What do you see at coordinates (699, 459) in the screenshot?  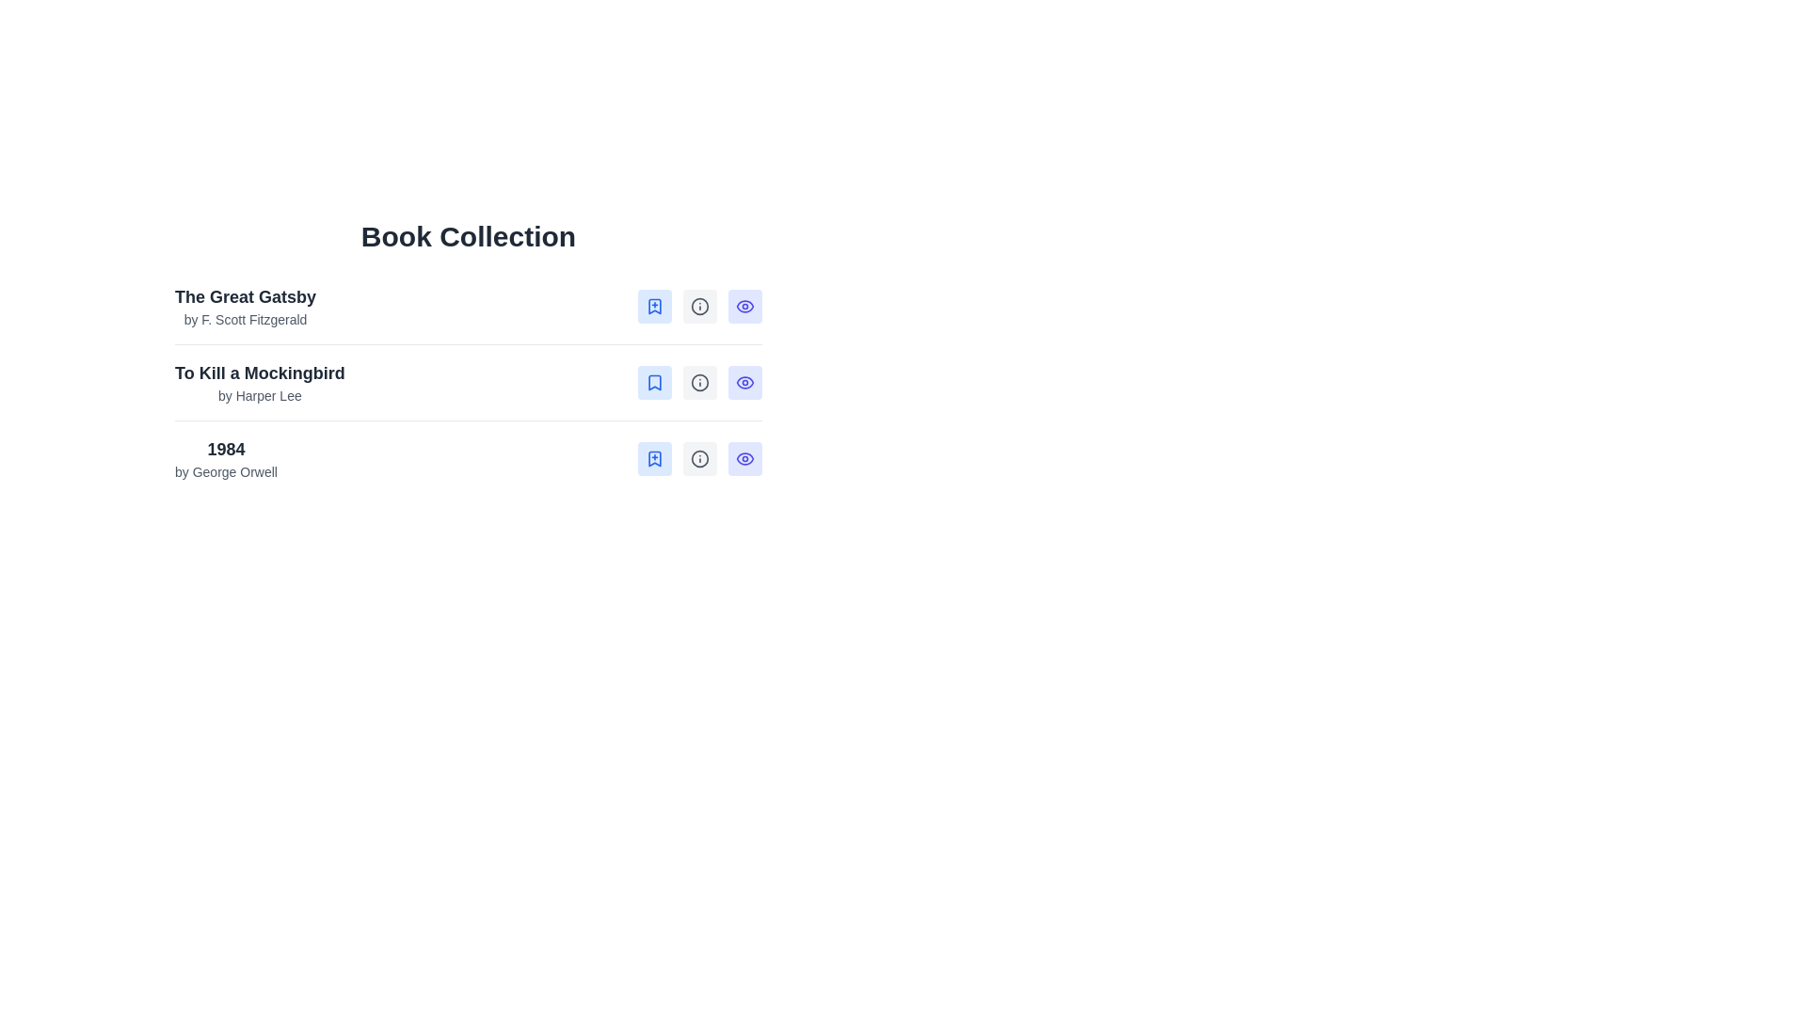 I see `the informational button with a light gray background and rounded edges located under the '1984' book entry` at bounding box center [699, 459].